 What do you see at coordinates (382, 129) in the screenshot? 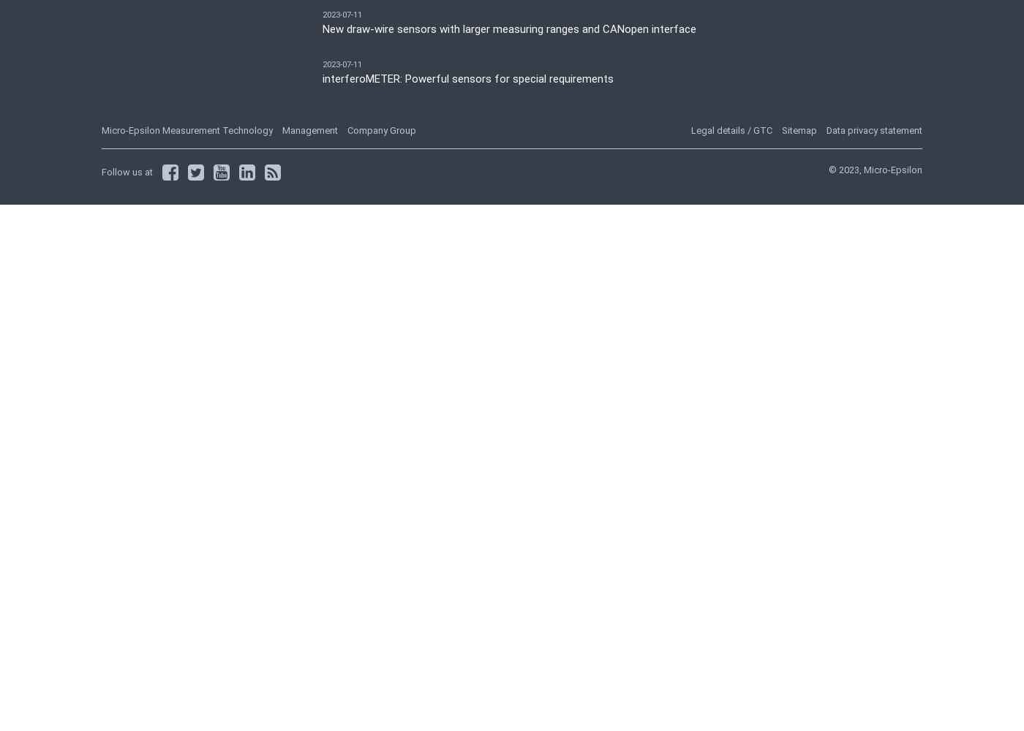
I see `'Company Group'` at bounding box center [382, 129].